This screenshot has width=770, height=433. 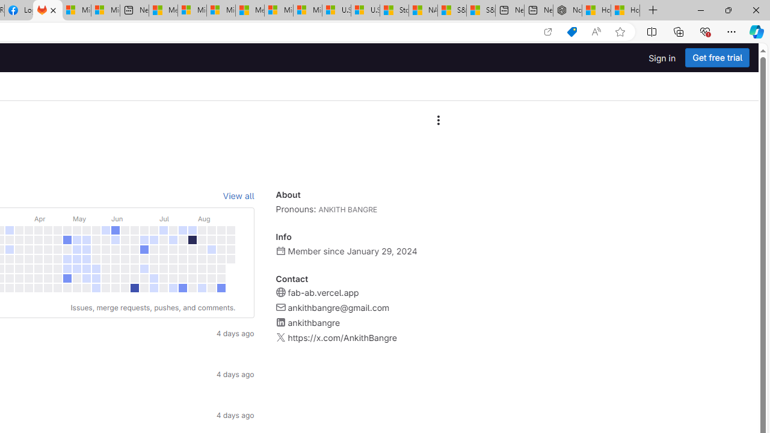 What do you see at coordinates (322, 293) in the screenshot?
I see `'fab-ab.vercel.app'` at bounding box center [322, 293].